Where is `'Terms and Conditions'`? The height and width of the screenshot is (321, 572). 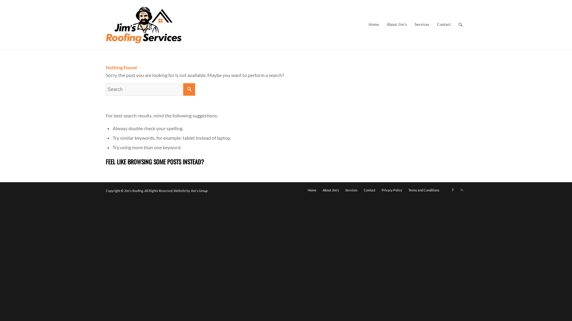
'Terms and Conditions' is located at coordinates (423, 190).